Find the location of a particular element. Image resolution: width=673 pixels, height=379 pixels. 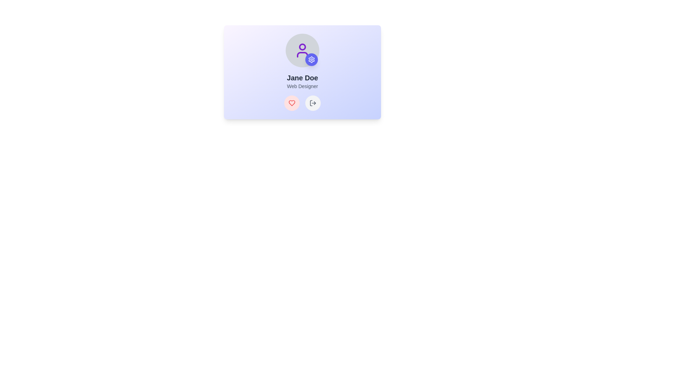

the heart-shaped red icon within the circular button is located at coordinates (292, 103).